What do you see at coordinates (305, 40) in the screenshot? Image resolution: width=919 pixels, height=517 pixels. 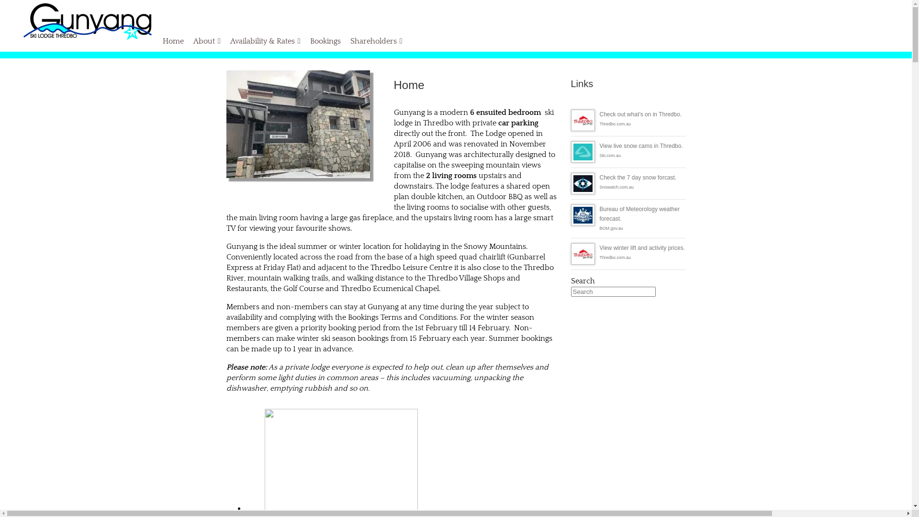 I see `'Bookings'` at bounding box center [305, 40].